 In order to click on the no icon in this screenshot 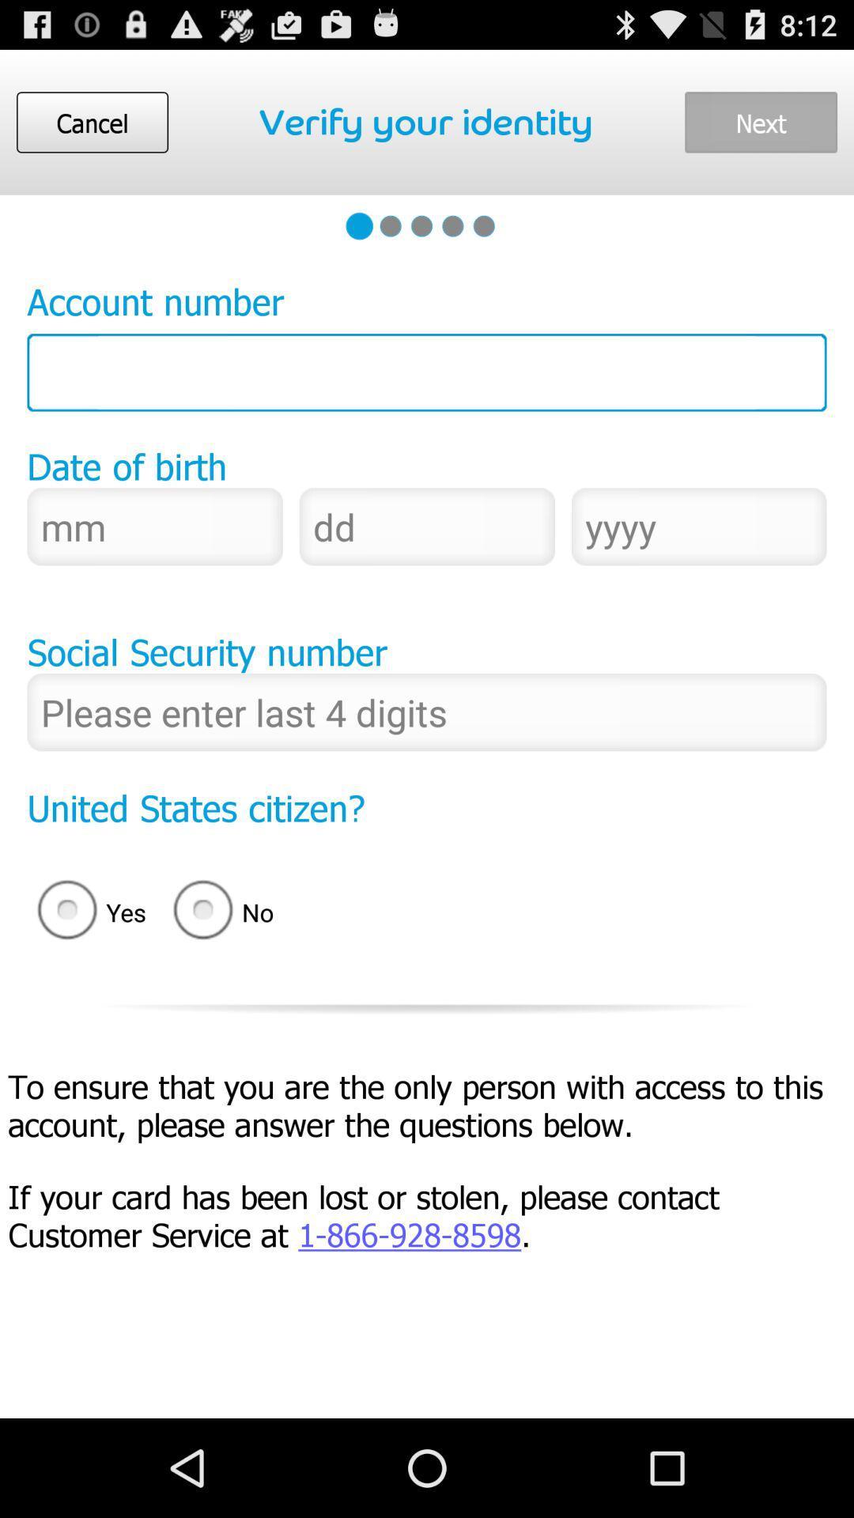, I will do `click(229, 912)`.